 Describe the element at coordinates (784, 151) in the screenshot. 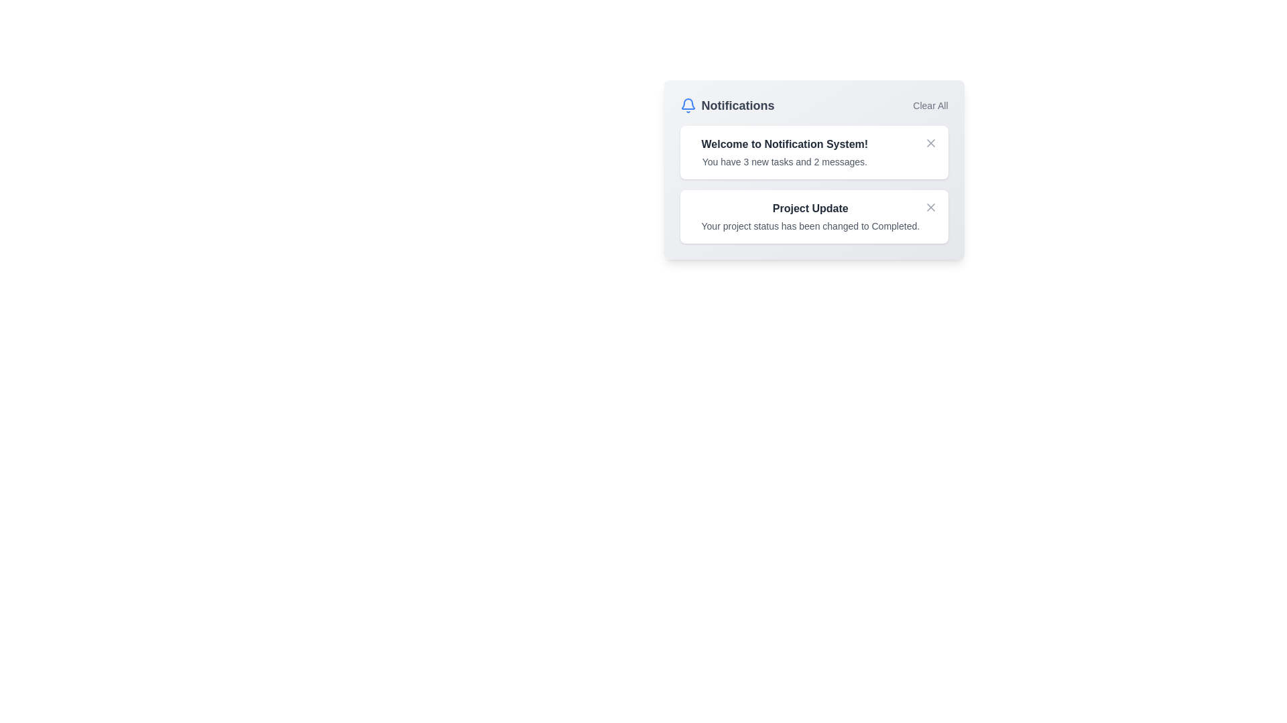

I see `the informational text display that summarizes notifications and lists pending tasks, located centrally in the notification panel above the 'Project Update' section` at that location.